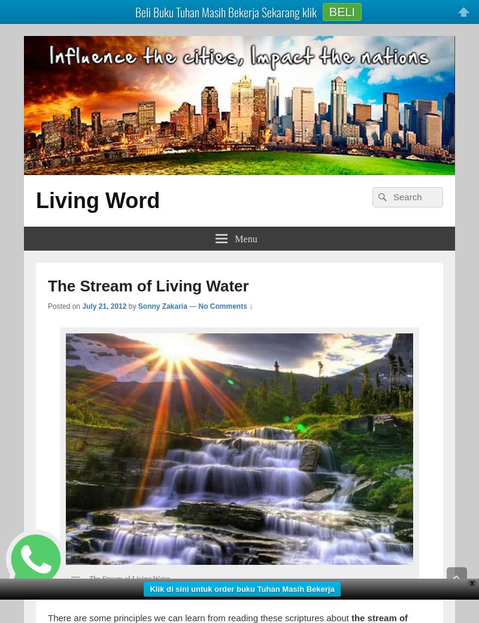 The width and height of the screenshot is (479, 623). What do you see at coordinates (64, 305) in the screenshot?
I see `'Posted on'` at bounding box center [64, 305].